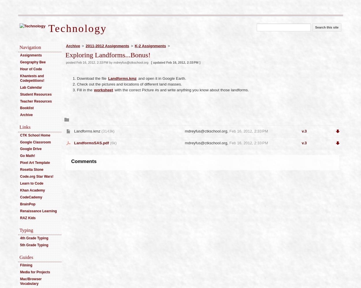 The width and height of the screenshot is (361, 288). Describe the element at coordinates (137, 78) in the screenshot. I see `'and open it in Google Earth.'` at that location.